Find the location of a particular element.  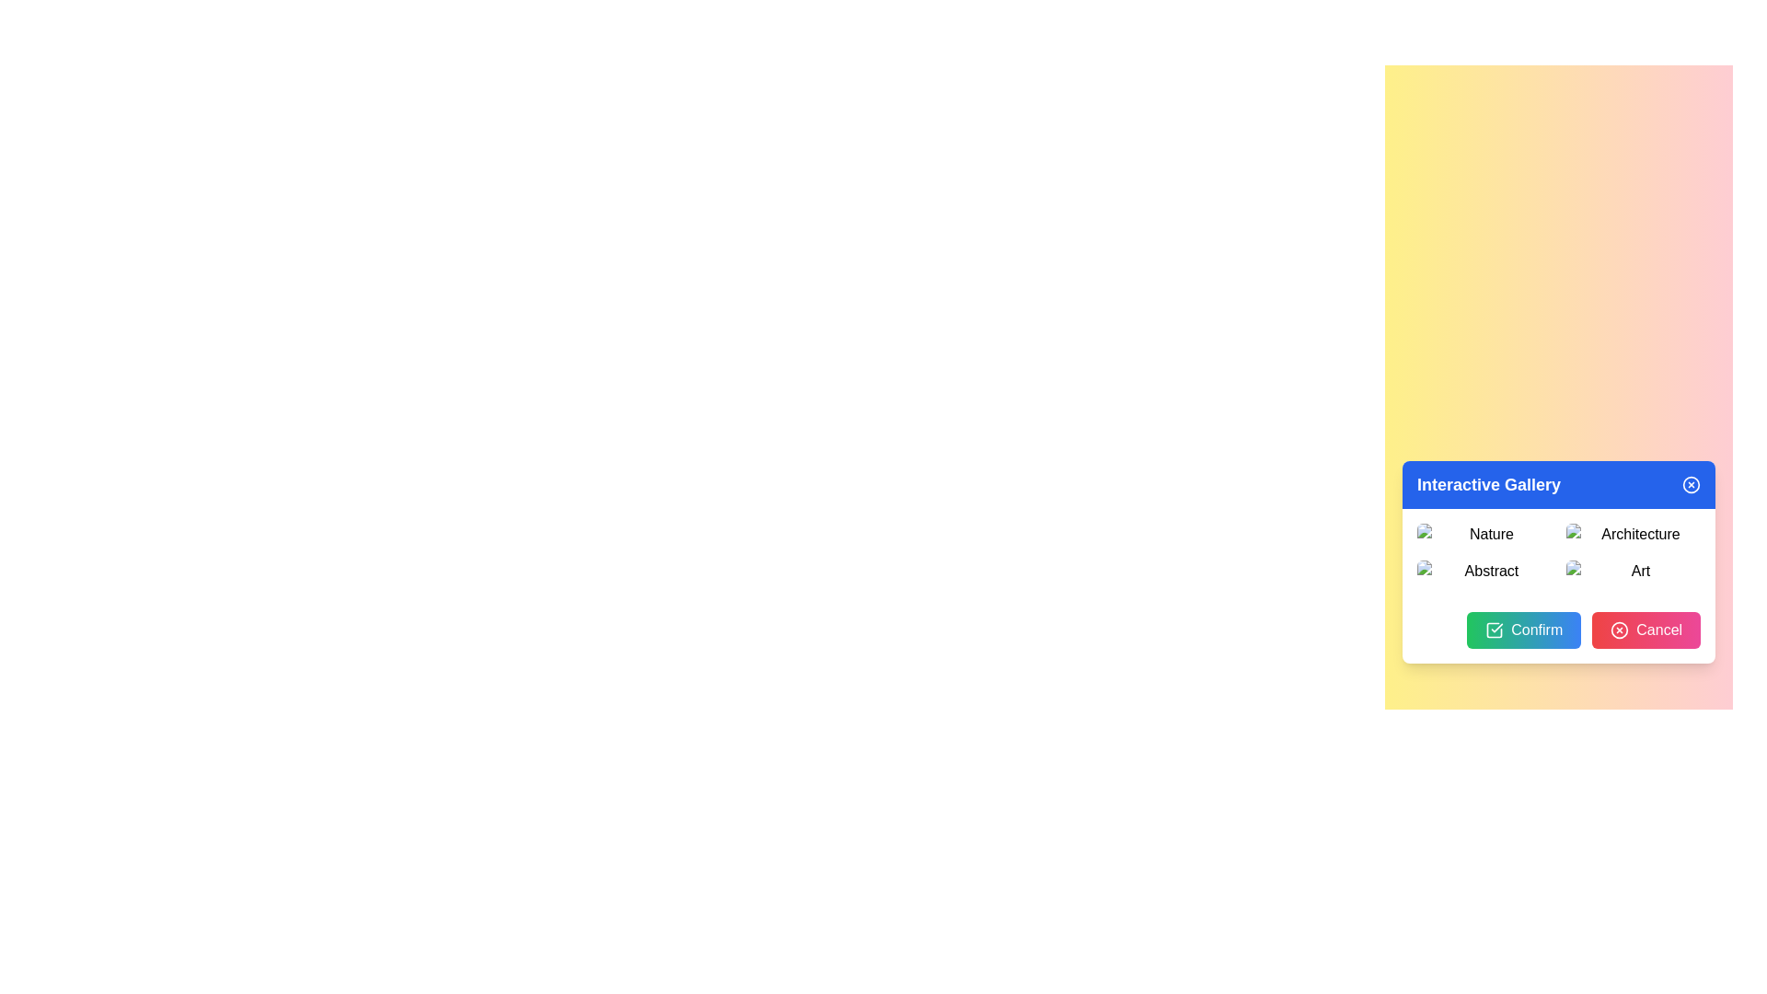

the Gallery tile labeled 'Art' is located at coordinates (1634, 571).